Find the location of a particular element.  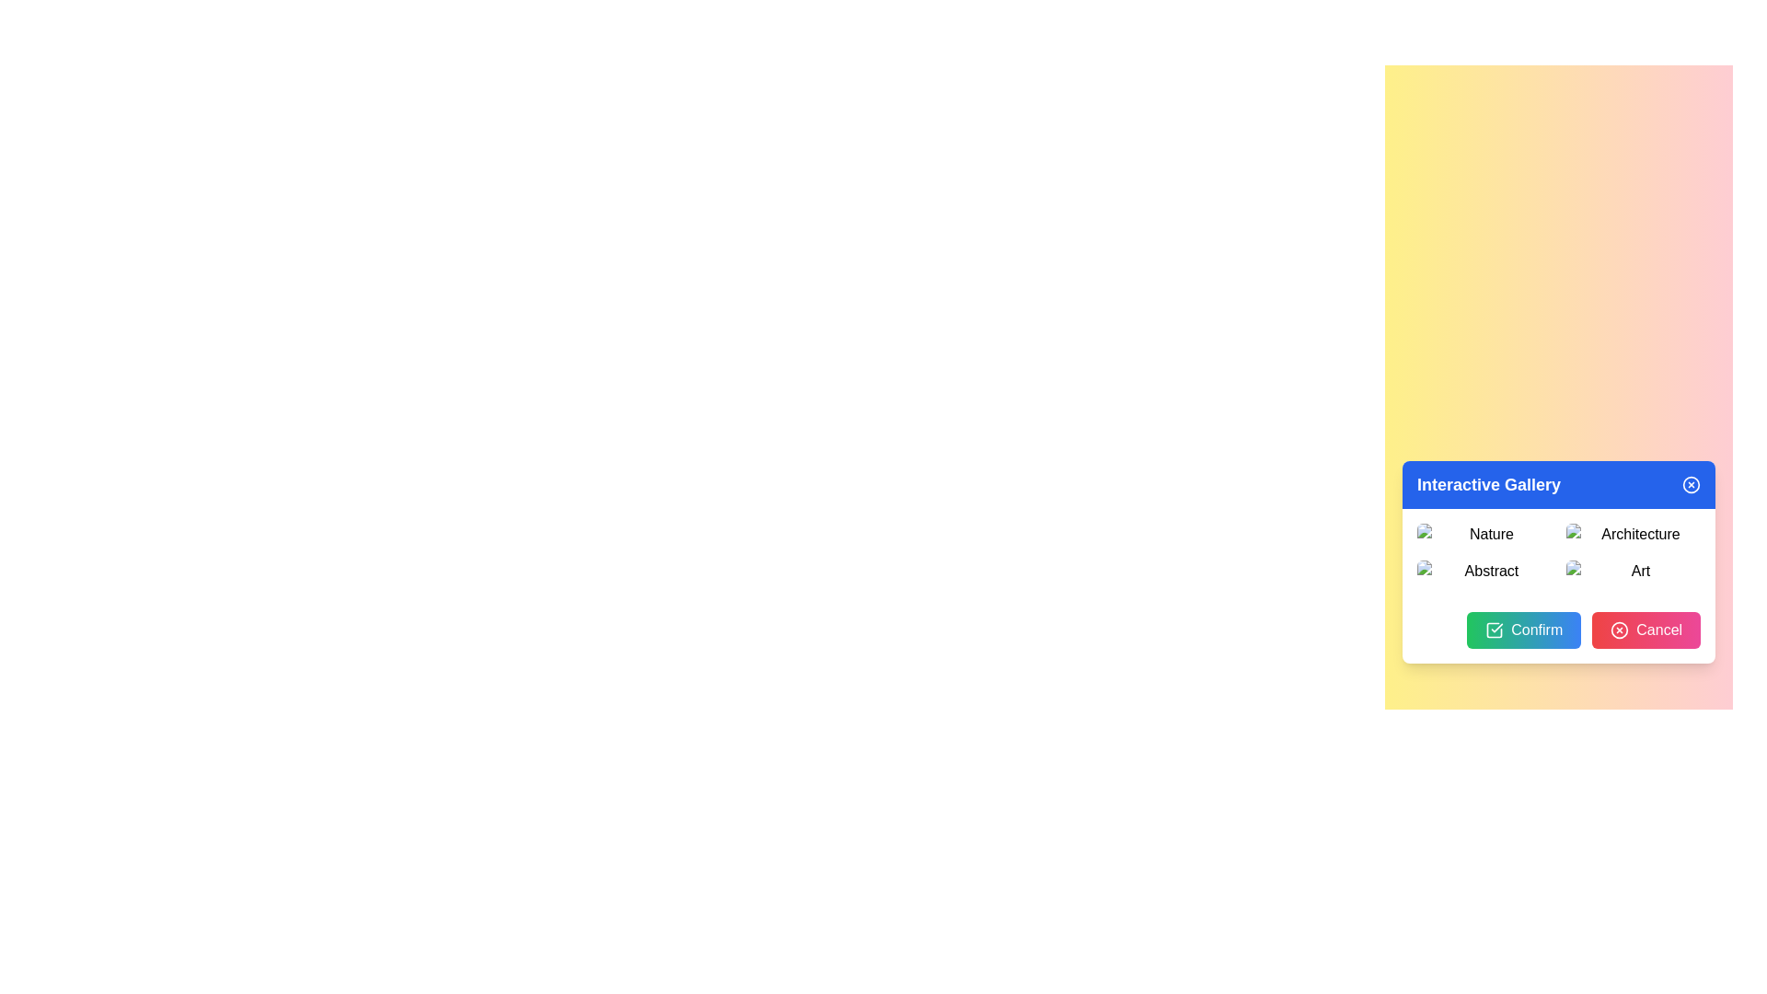

the Gallery tile labeled 'Art' is located at coordinates (1634, 571).